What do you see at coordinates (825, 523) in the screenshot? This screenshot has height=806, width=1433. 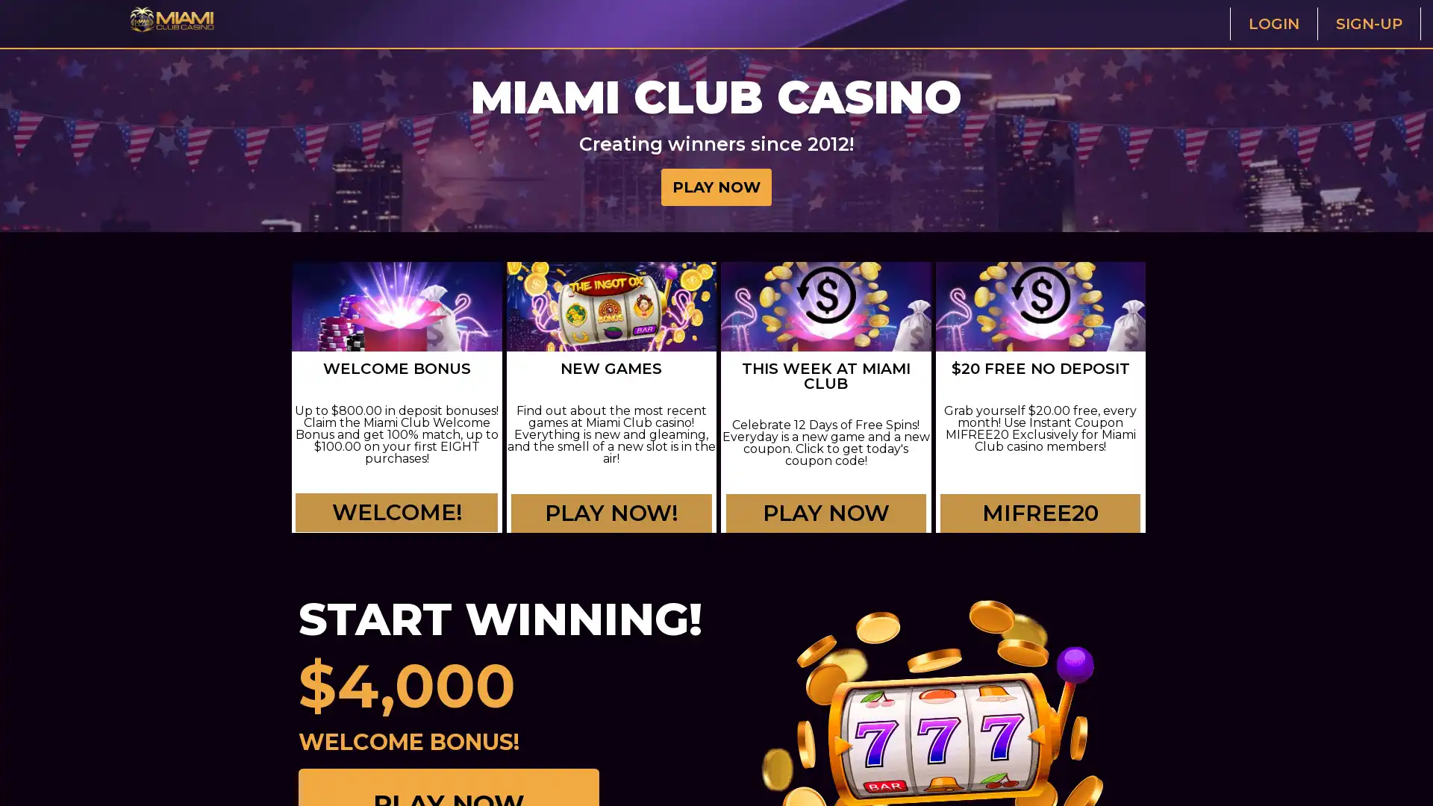 I see `PLAY NOW` at bounding box center [825, 523].